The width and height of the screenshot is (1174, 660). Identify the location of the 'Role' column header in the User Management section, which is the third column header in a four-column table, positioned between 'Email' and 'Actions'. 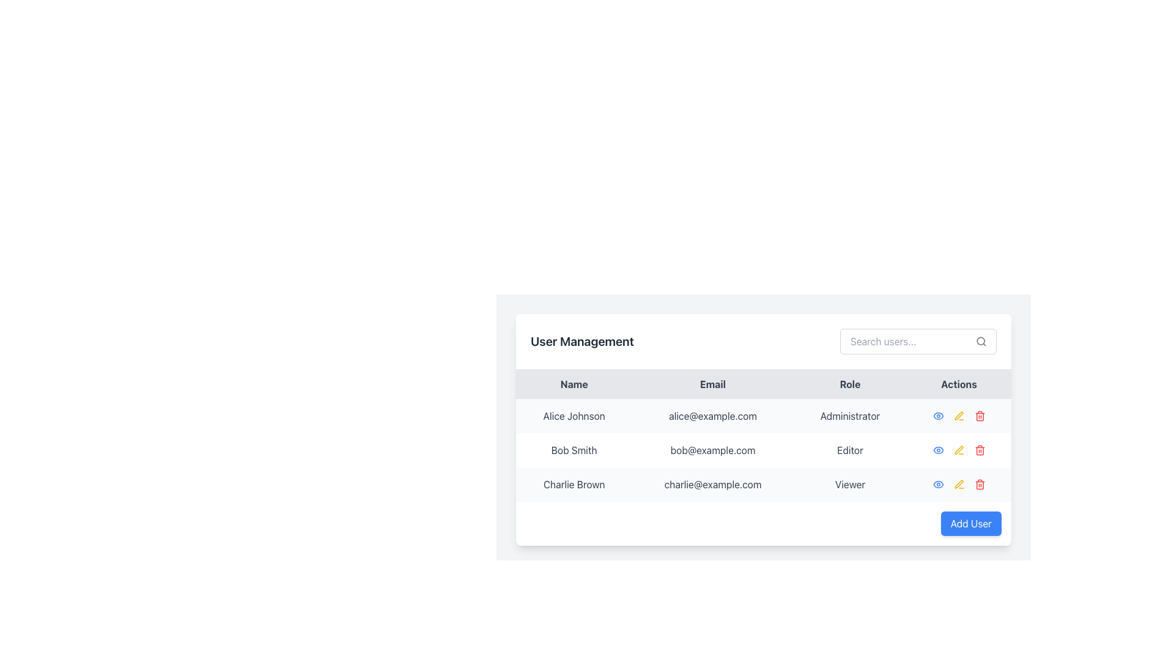
(849, 383).